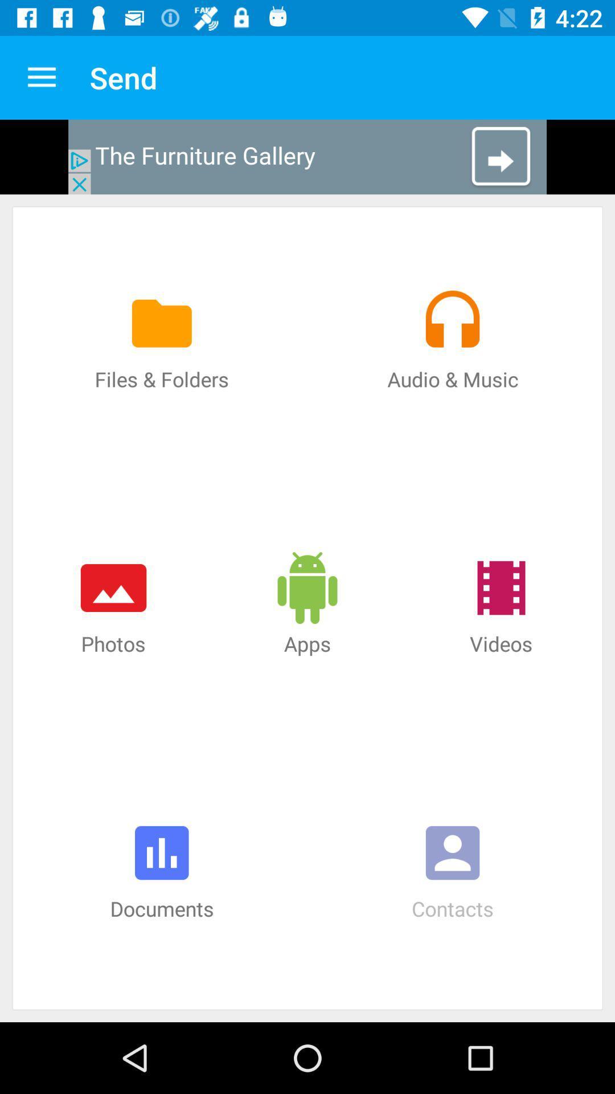 The image size is (615, 1094). I want to click on advertisement, so click(307, 156).